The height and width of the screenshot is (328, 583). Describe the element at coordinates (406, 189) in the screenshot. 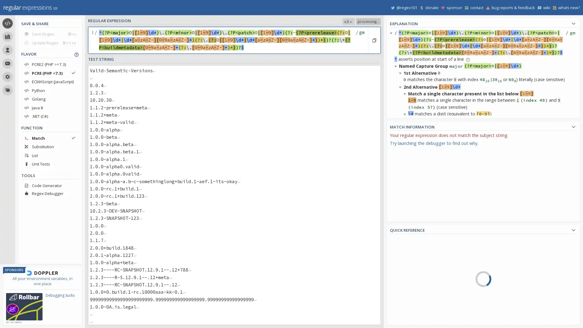

I see `Collapse Subtree` at that location.